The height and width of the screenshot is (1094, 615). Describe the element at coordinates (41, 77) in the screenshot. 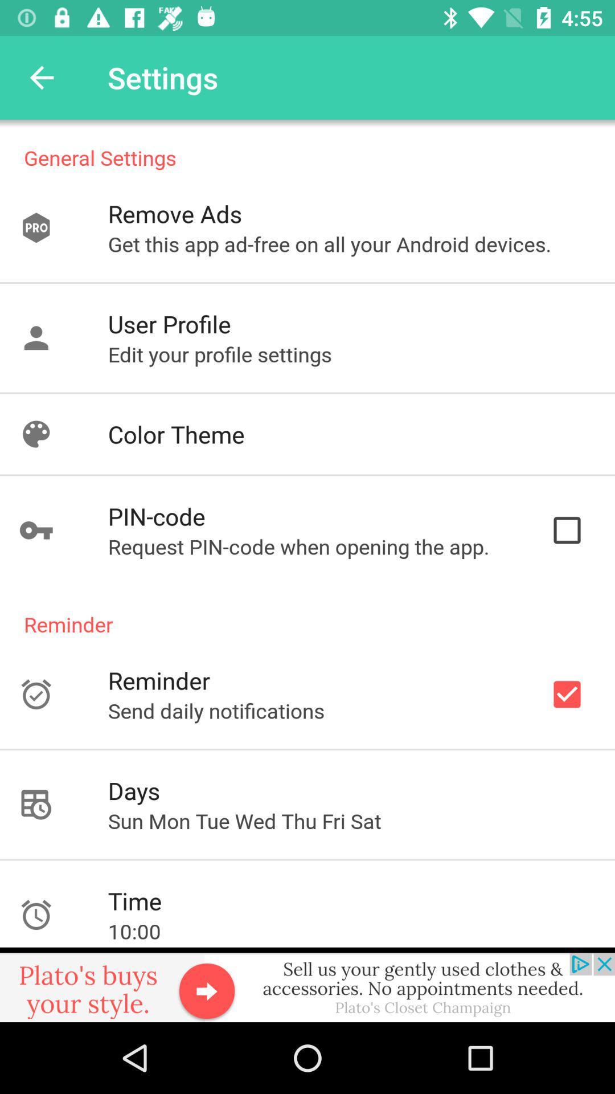

I see `previous` at that location.